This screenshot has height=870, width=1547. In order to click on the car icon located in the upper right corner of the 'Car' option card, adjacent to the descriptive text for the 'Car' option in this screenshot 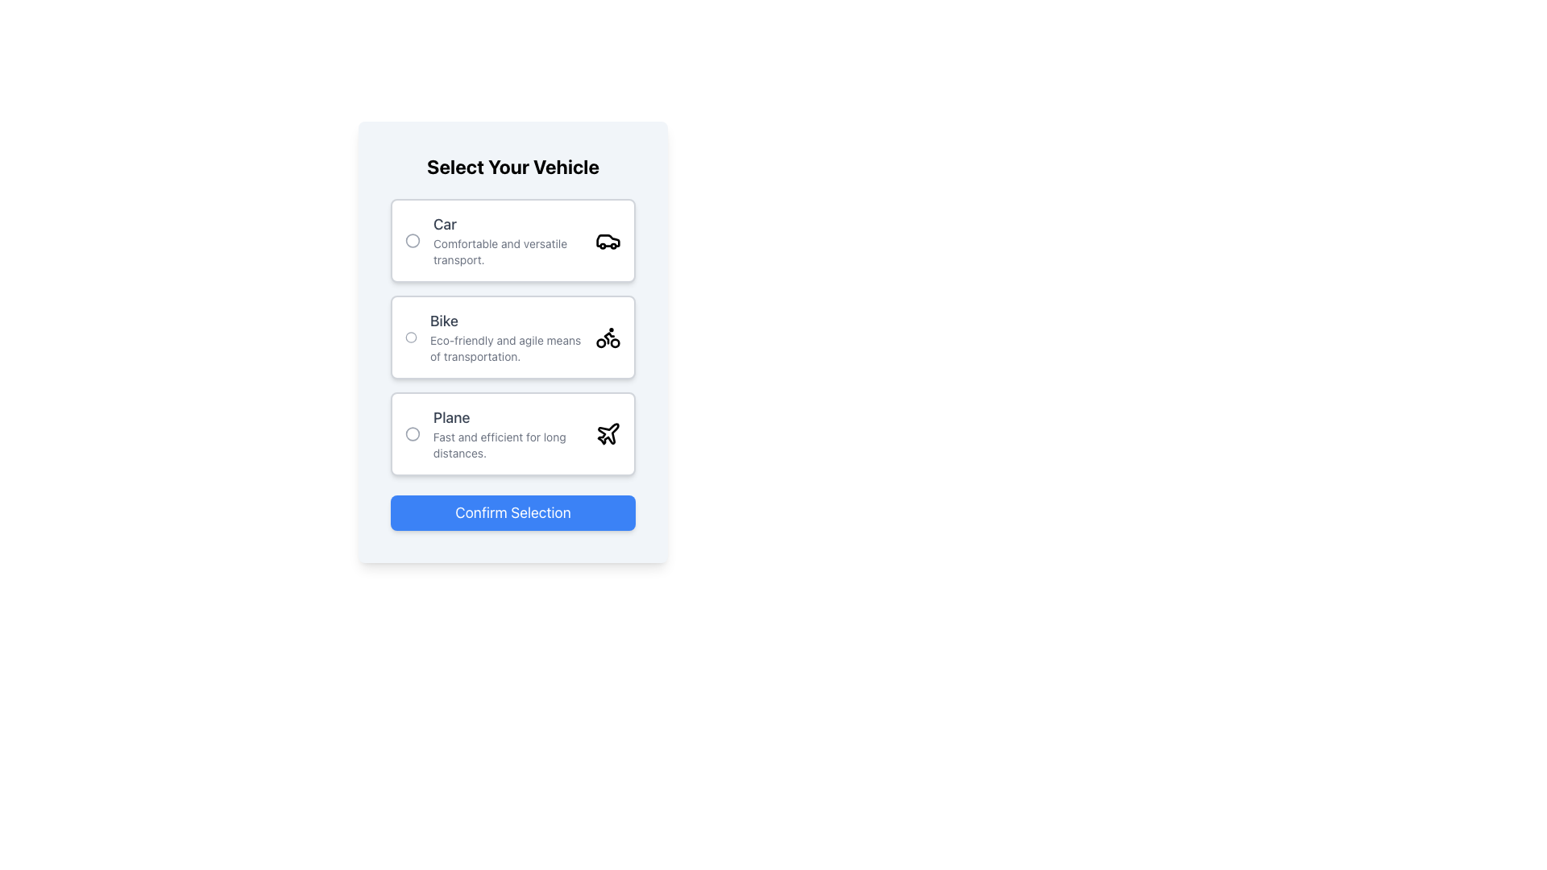, I will do `click(607, 241)`.